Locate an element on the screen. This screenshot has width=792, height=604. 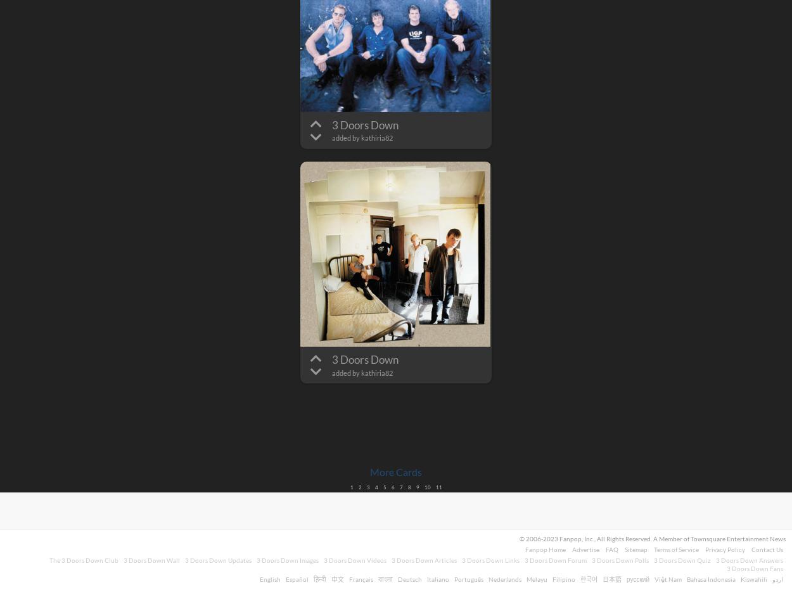
'3 Doors Down Forum' is located at coordinates (524, 560).